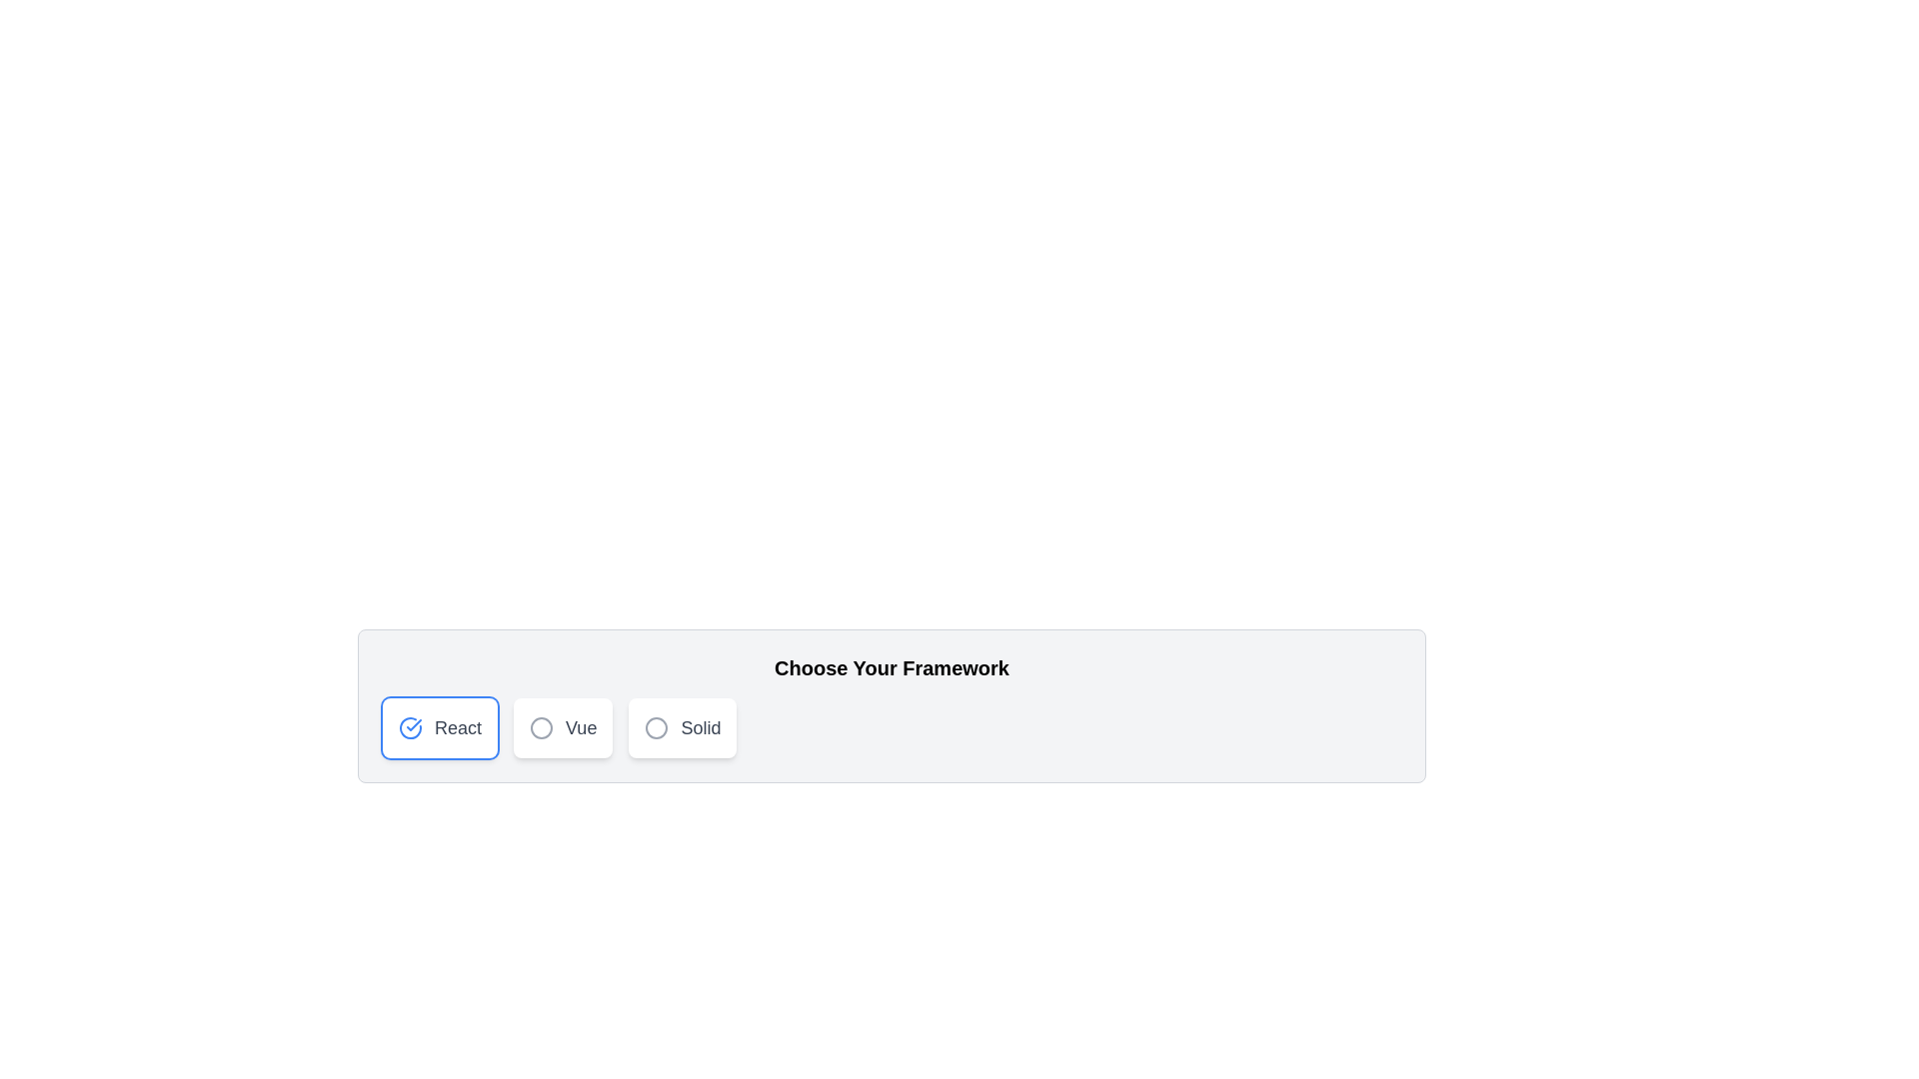 The height and width of the screenshot is (1079, 1919). What do you see at coordinates (683, 728) in the screenshot?
I see `the 'Solid' button, which is a rectangular button with a white background and a gray circular icon followed by the text 'Solid' in bold, dark gray font, located at the far right of a group of three buttons labeled 'React', 'Vue', and 'Solid'` at bounding box center [683, 728].